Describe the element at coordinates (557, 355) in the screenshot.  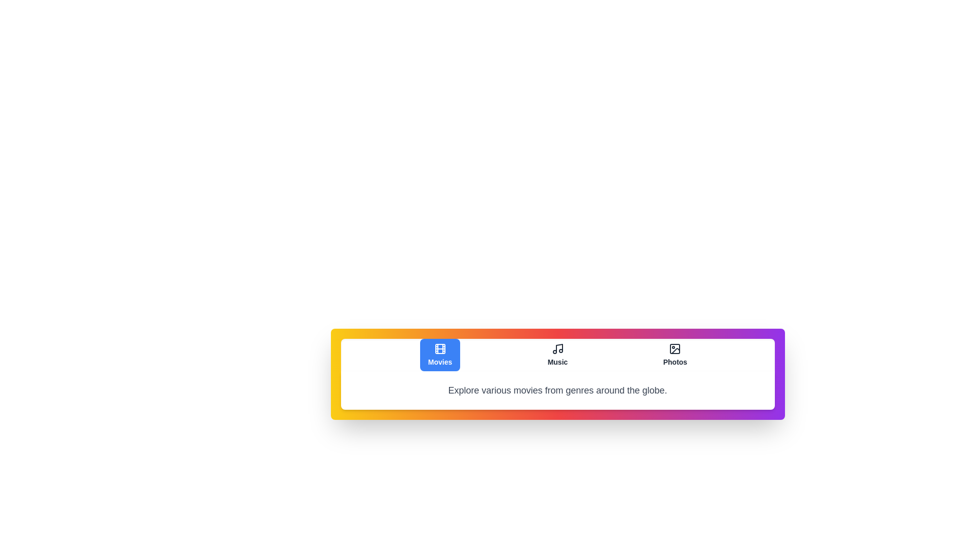
I see `the tab labeled Music to observe its hover state` at that location.